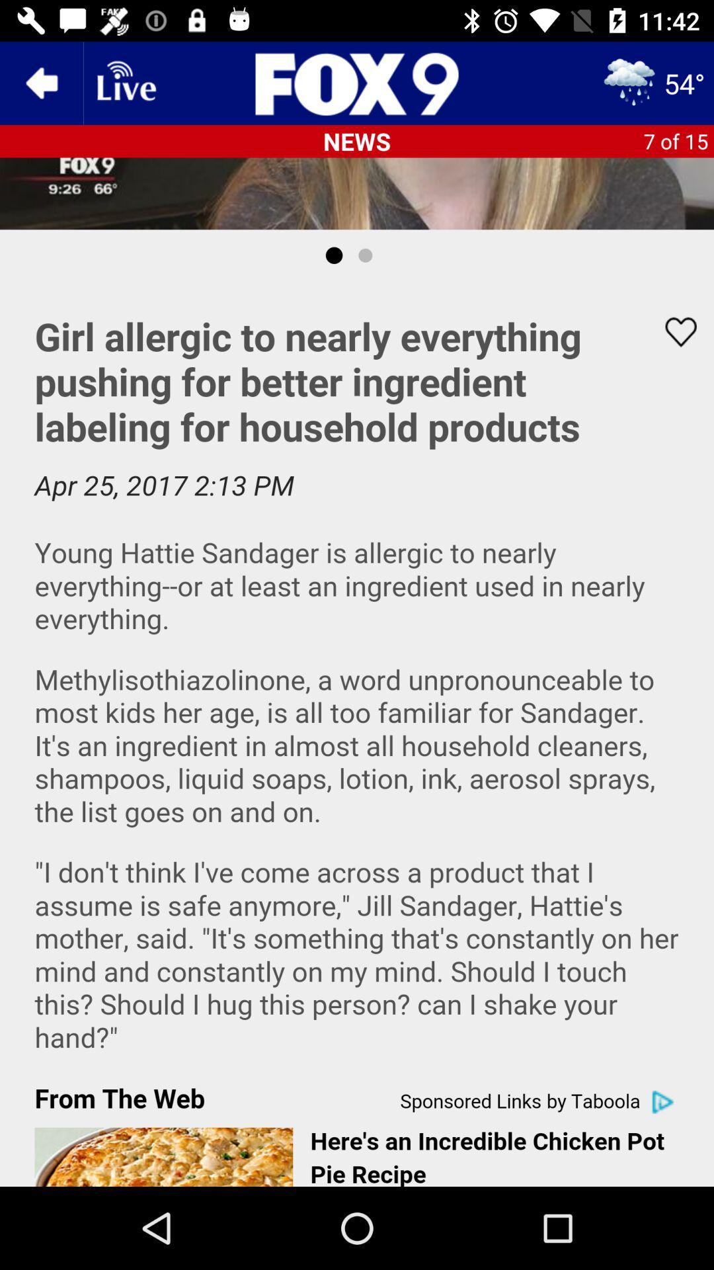 This screenshot has width=714, height=1270. I want to click on previous page, so click(40, 82).